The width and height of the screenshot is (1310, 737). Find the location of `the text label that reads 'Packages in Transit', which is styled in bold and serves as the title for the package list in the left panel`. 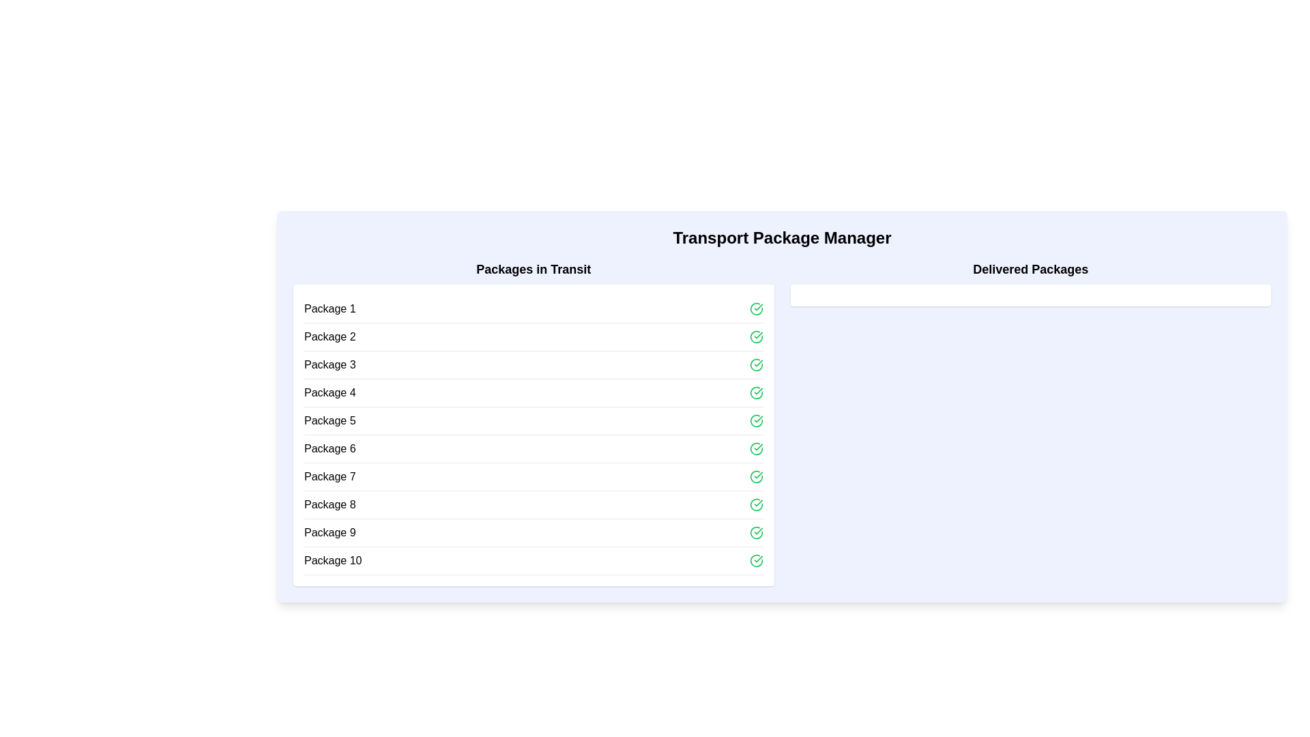

the text label that reads 'Packages in Transit', which is styled in bold and serves as the title for the package list in the left panel is located at coordinates (533, 269).